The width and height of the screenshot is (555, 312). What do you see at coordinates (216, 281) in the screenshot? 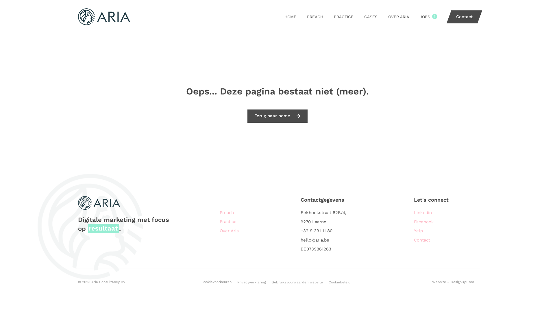
I see `'Cookievoorkeuren'` at bounding box center [216, 281].